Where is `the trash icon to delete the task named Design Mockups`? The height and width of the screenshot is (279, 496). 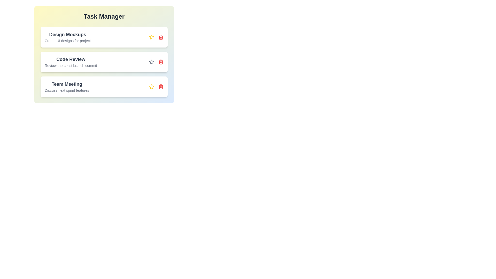
the trash icon to delete the task named Design Mockups is located at coordinates (161, 37).